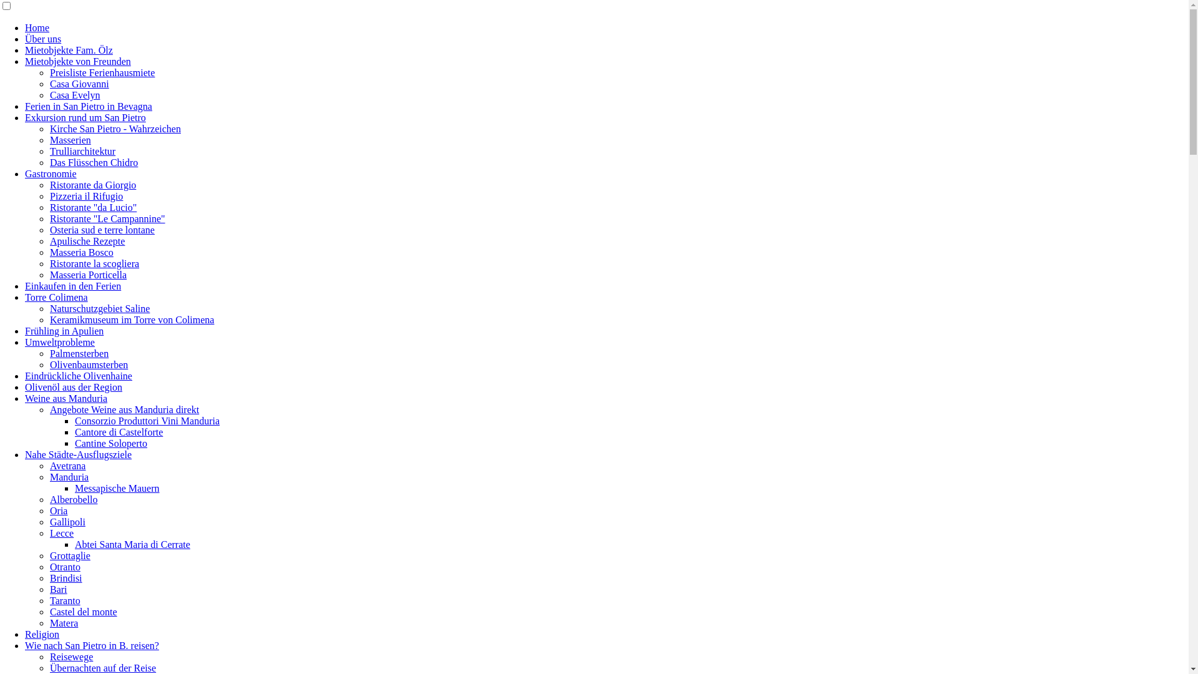  I want to click on 'Mietobjekte von Freunden', so click(77, 61).